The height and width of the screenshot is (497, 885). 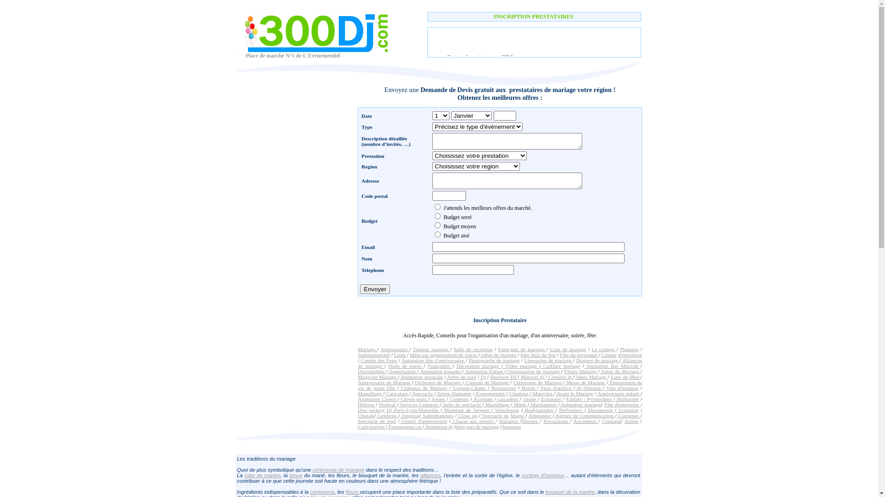 I want to click on 'Comite des Fetes', so click(x=358, y=360).